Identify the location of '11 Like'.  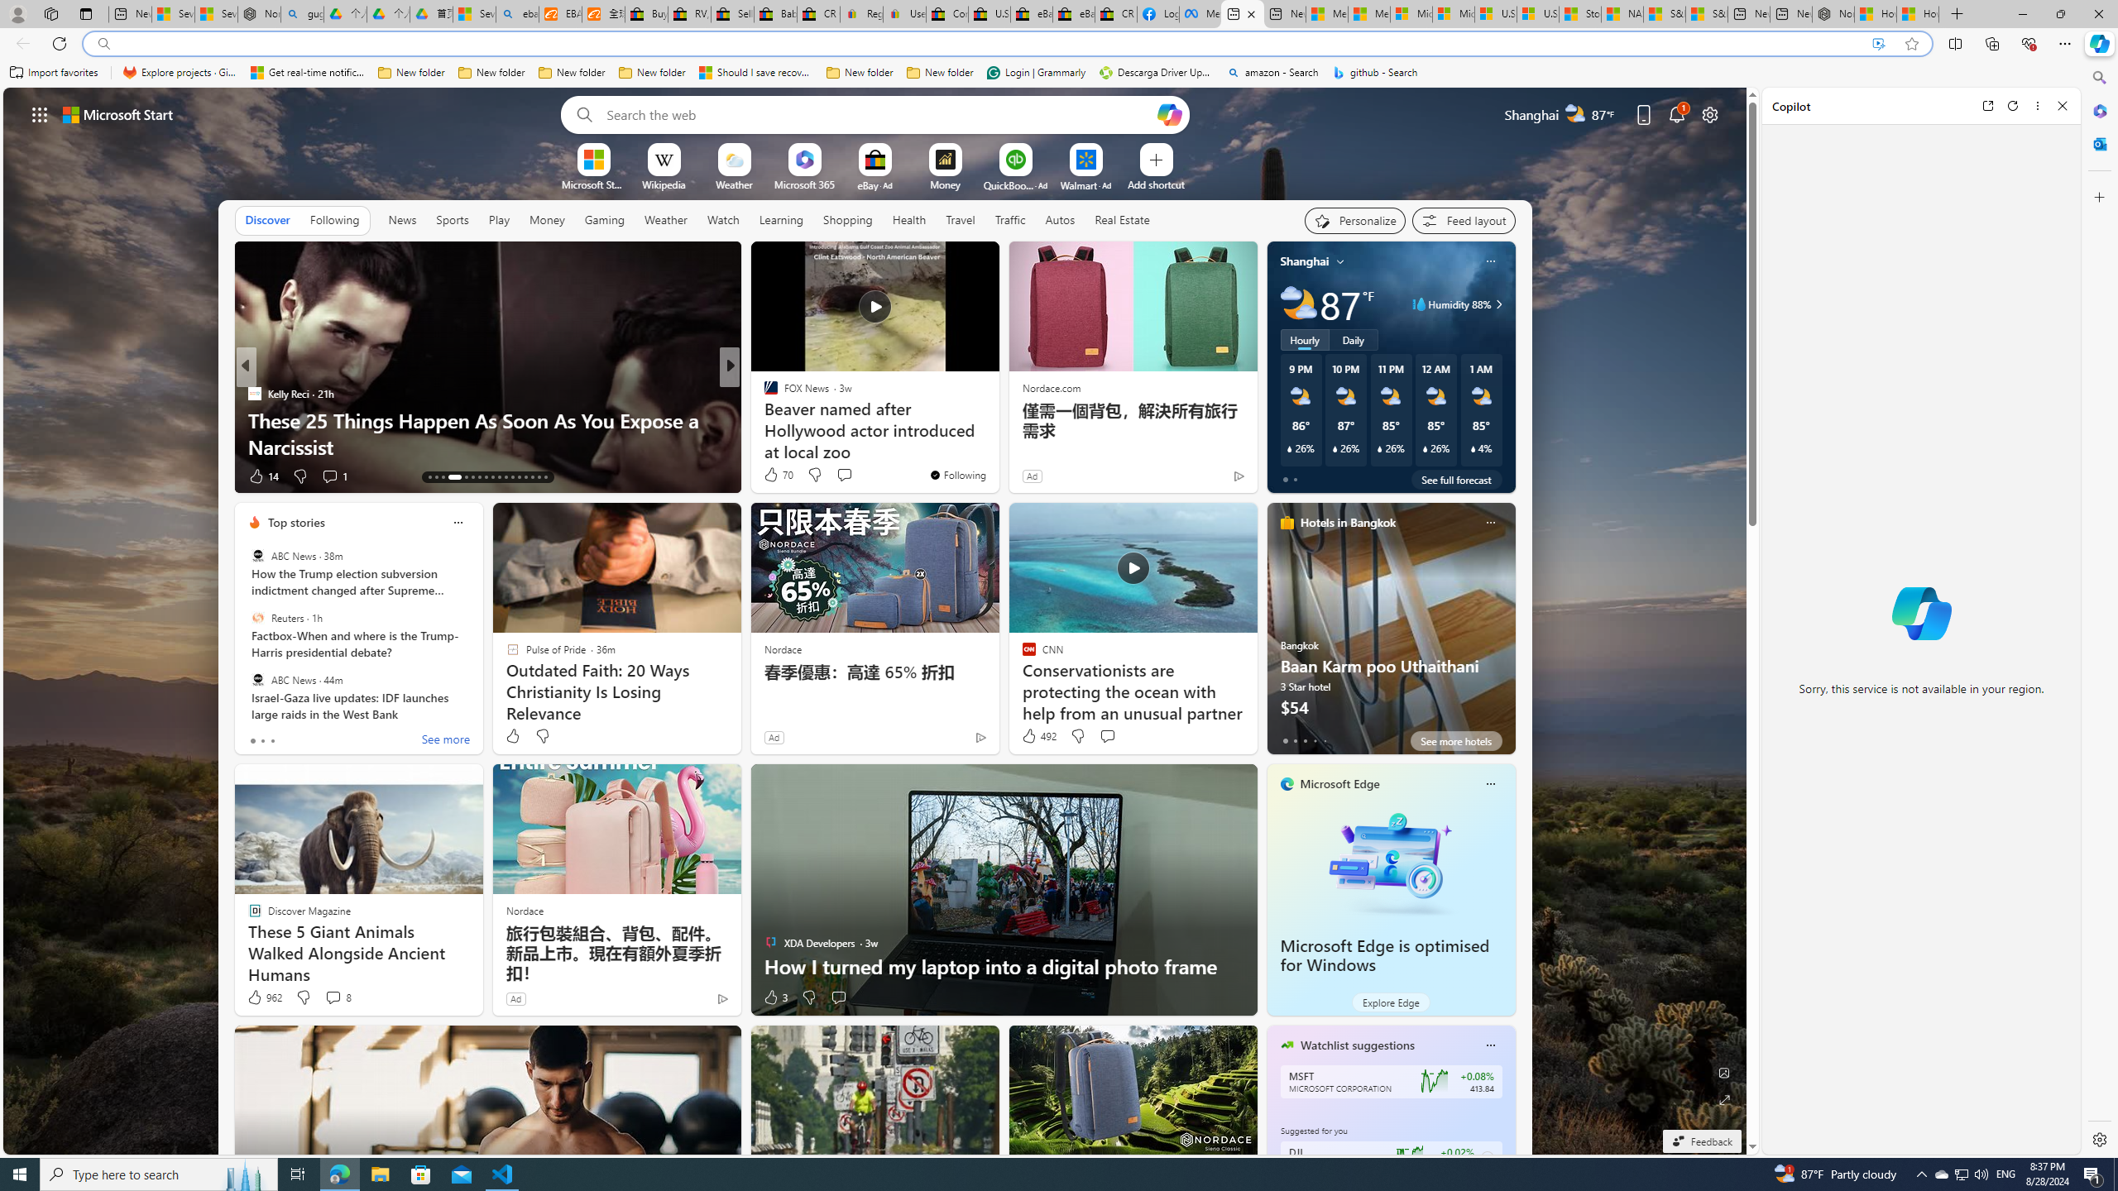
(772, 476).